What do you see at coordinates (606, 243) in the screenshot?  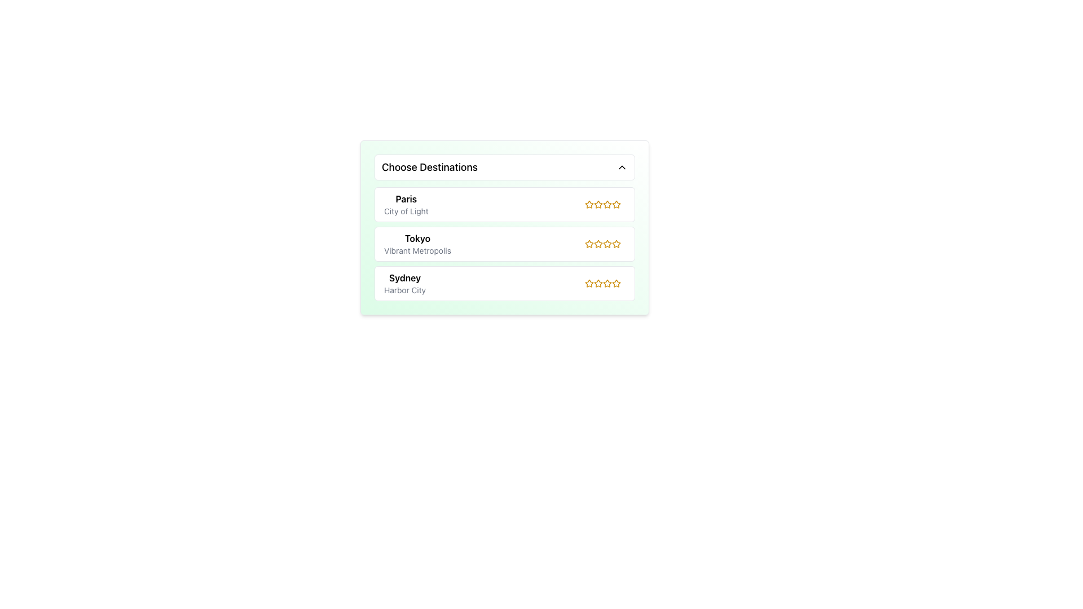 I see `the fourth star icon in the 5-star rating row next to the text 'Tokyo'` at bounding box center [606, 243].